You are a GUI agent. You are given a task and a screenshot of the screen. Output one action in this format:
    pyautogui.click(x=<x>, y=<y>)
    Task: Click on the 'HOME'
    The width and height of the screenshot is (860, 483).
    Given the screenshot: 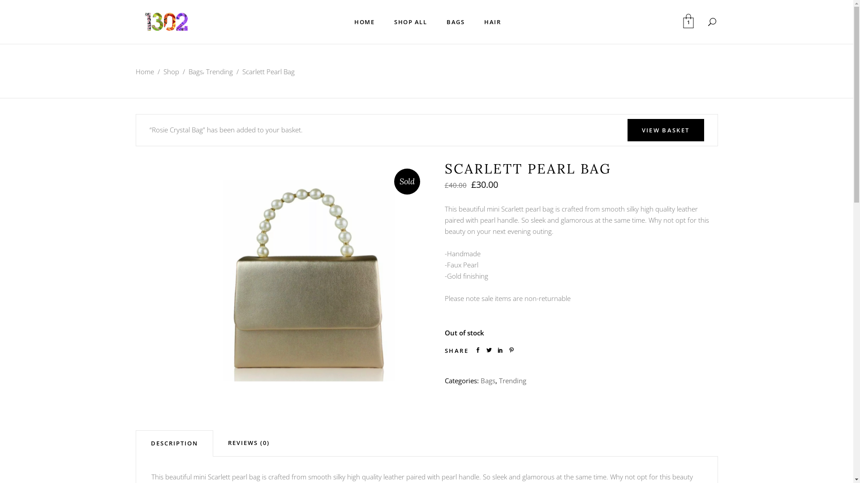 What is the action you would take?
    pyautogui.click(x=344, y=21)
    